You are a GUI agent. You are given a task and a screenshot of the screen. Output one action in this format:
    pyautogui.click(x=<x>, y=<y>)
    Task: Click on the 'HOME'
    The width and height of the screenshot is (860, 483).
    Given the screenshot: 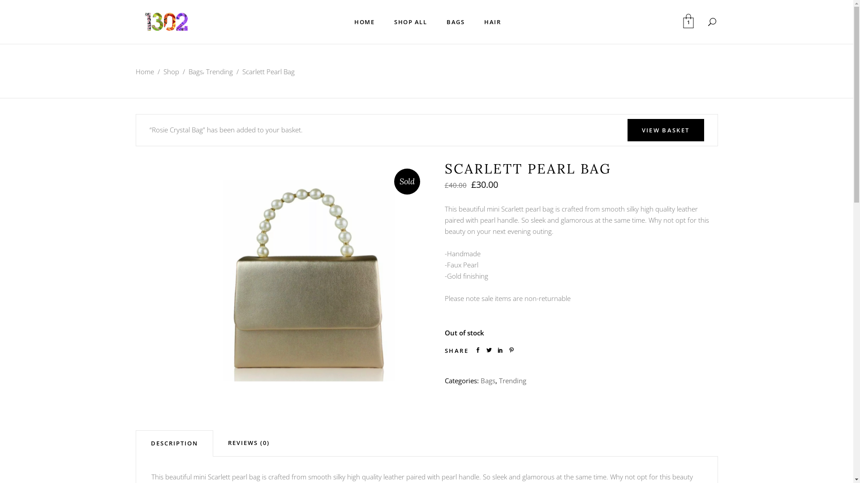 What is the action you would take?
    pyautogui.click(x=344, y=21)
    